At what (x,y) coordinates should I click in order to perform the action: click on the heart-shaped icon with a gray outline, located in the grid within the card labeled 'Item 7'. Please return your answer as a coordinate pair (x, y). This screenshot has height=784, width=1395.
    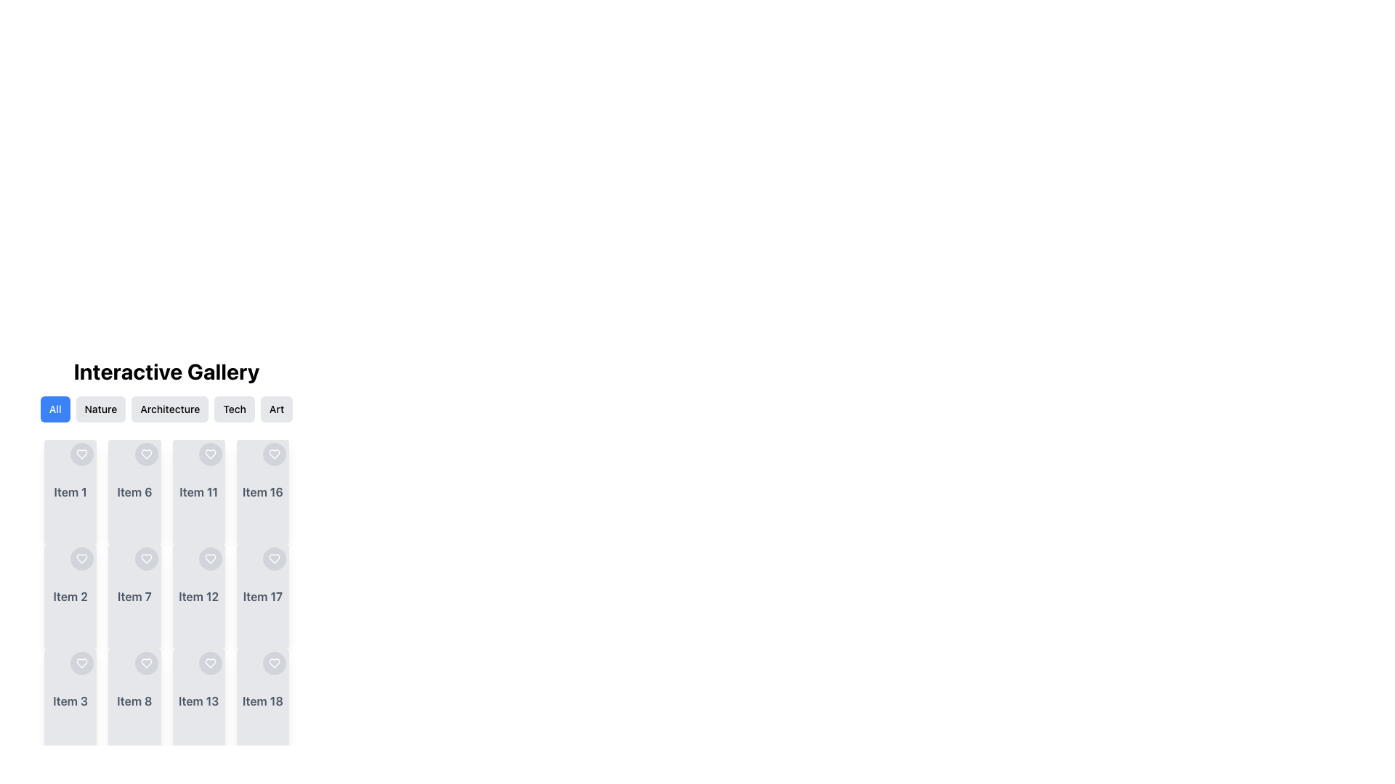
    Looking at the image, I should click on (146, 558).